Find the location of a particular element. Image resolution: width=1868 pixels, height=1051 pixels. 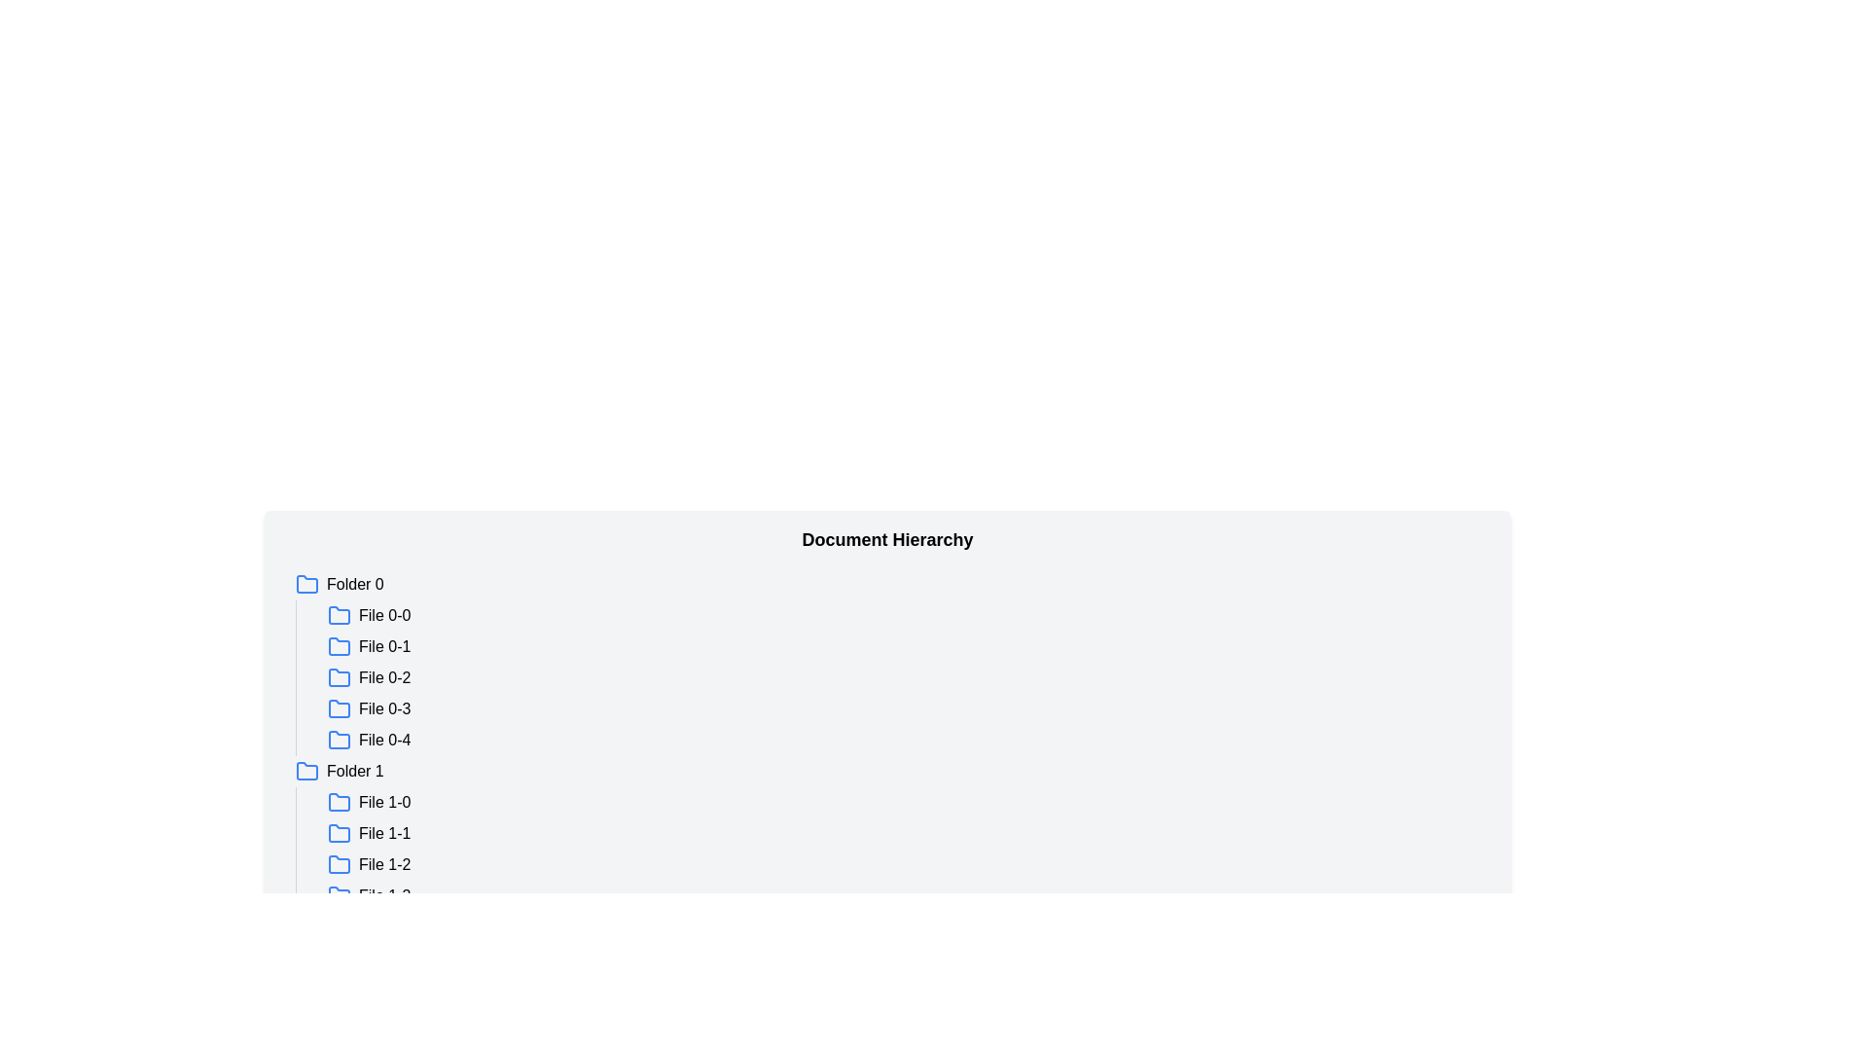

the folder icon representing 'Folder 1' is located at coordinates (306, 771).